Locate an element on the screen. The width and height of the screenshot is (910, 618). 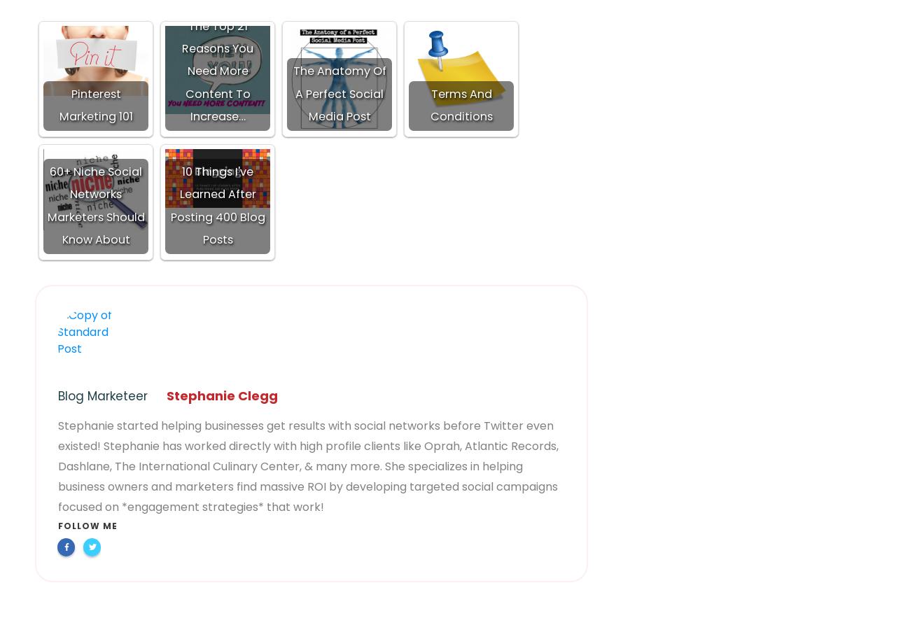
'Stephanie started helping businesses get results with social networks before Twitter even existed!   Stephanie has worked directly with high profile clients like Oprah, Atlantic Records, Dashlane, The International Culinary Center, & many more.  She specializes in helping business owners and marketers find massive ROI by developing targeted social campaigns focused on *engagement strategies* that work!' is located at coordinates (307, 465).